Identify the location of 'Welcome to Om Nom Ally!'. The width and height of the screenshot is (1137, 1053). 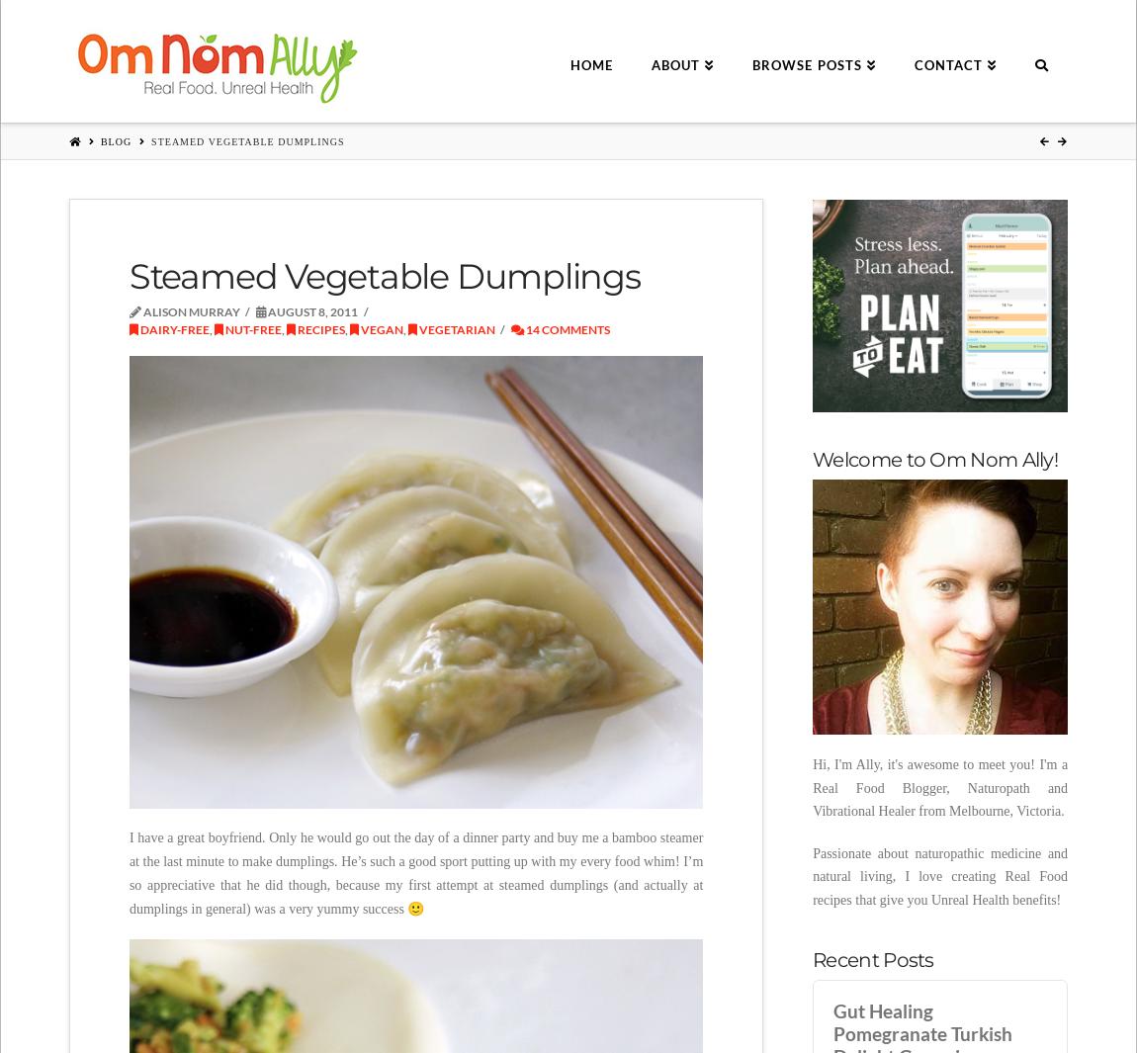
(934, 458).